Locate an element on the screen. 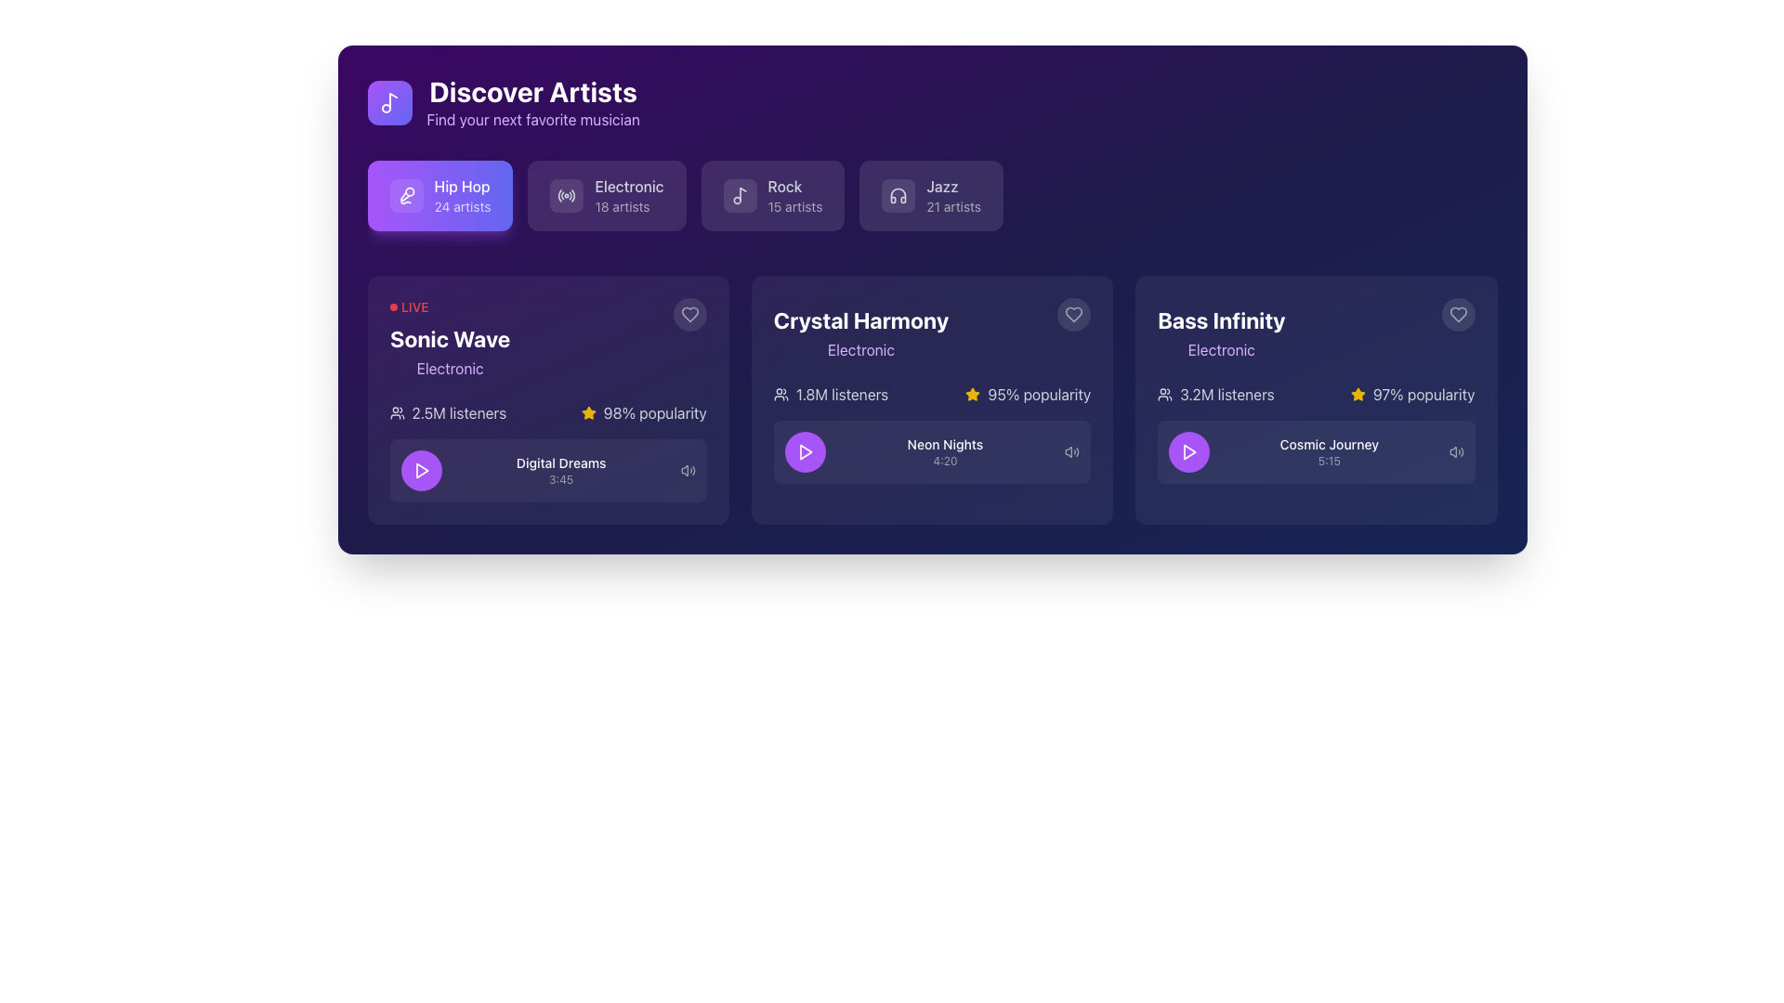 The width and height of the screenshot is (1784, 1003). the text indicator '98% popularity' with the yellow star icon, found in the bottom-right of the 'Sonic Wave' card, below its title and adjacent to '2.5M listeners' is located at coordinates (644, 411).